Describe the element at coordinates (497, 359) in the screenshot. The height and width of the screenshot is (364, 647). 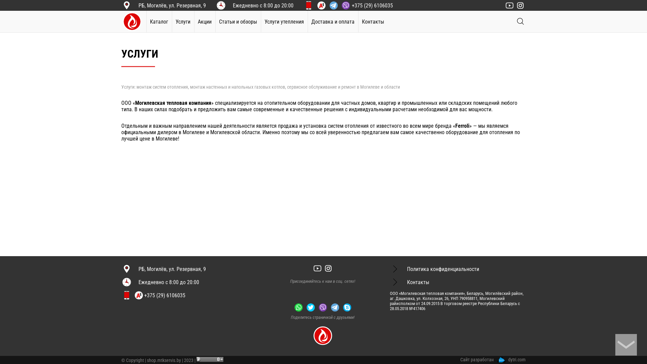
I see `'dytri.com'` at that location.